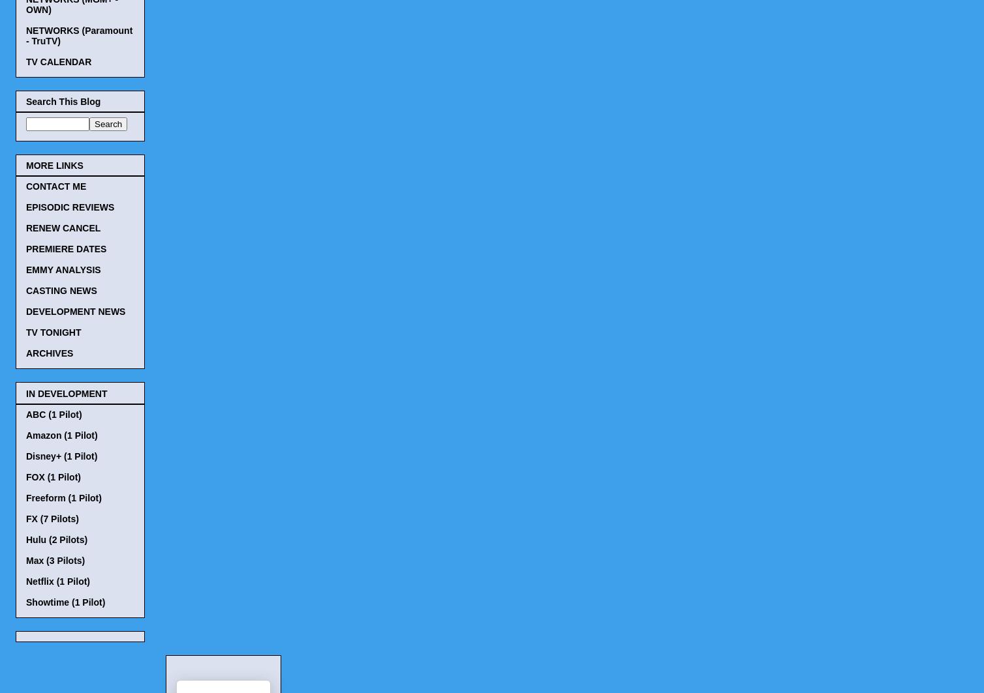  I want to click on 'Max (3 Pilots)', so click(55, 559).